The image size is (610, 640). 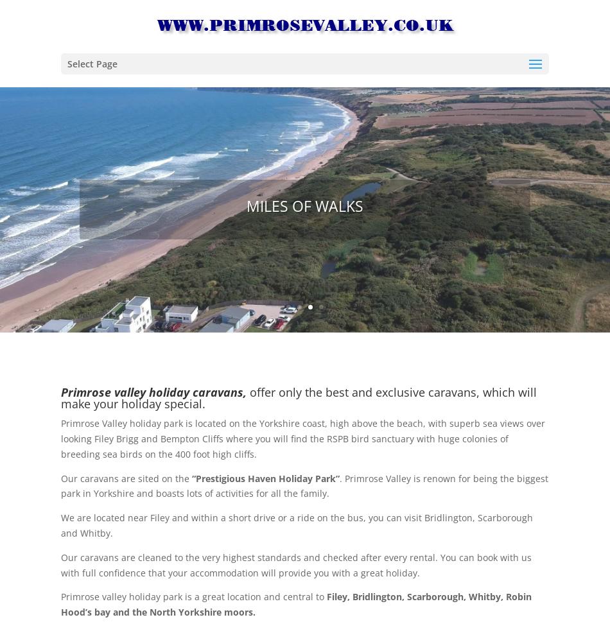 I want to click on 'Select Page', so click(x=67, y=64).